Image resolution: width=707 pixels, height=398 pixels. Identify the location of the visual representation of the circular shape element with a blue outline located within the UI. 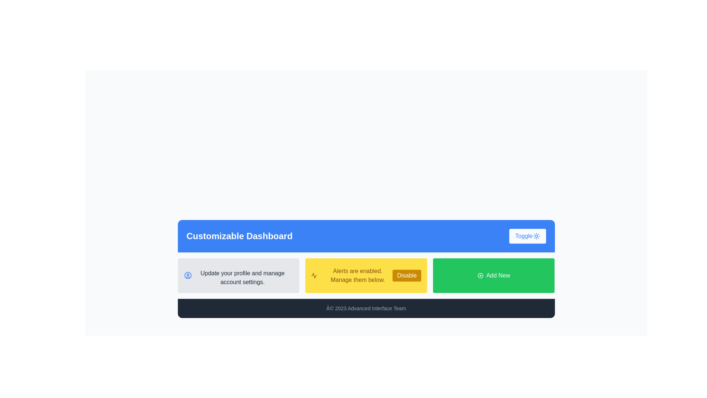
(188, 276).